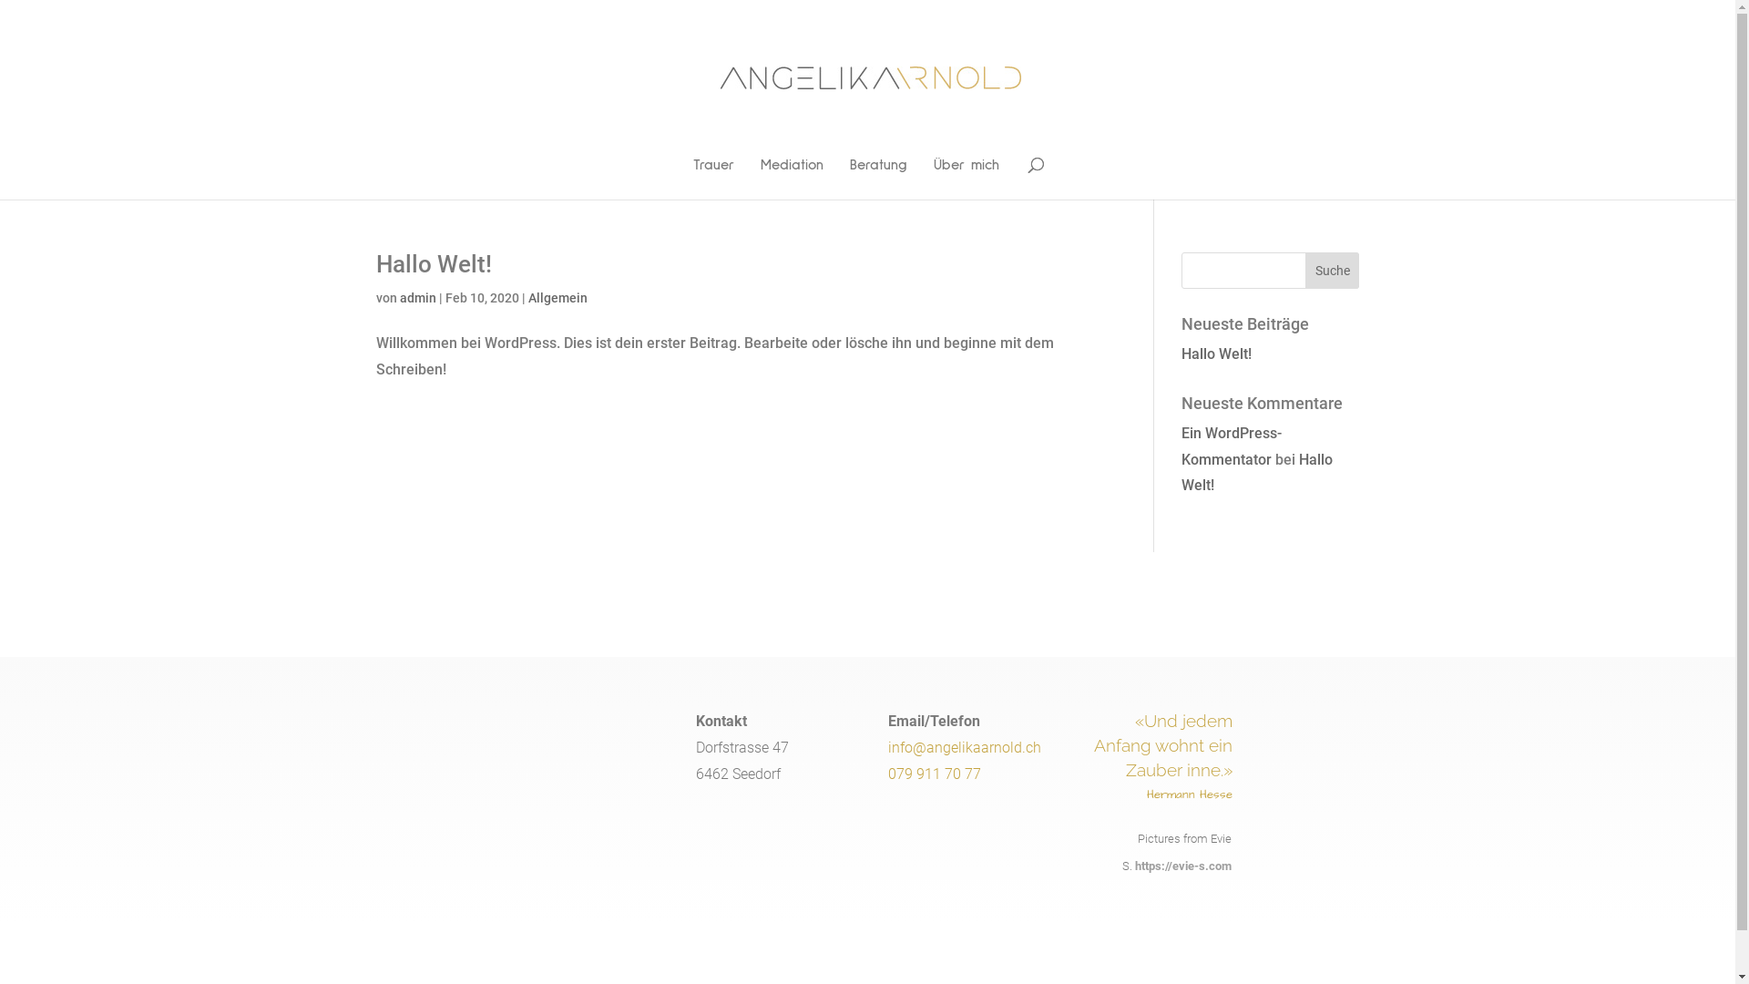 The width and height of the screenshot is (1749, 984). Describe the element at coordinates (1333, 271) in the screenshot. I see `'Suche'` at that location.